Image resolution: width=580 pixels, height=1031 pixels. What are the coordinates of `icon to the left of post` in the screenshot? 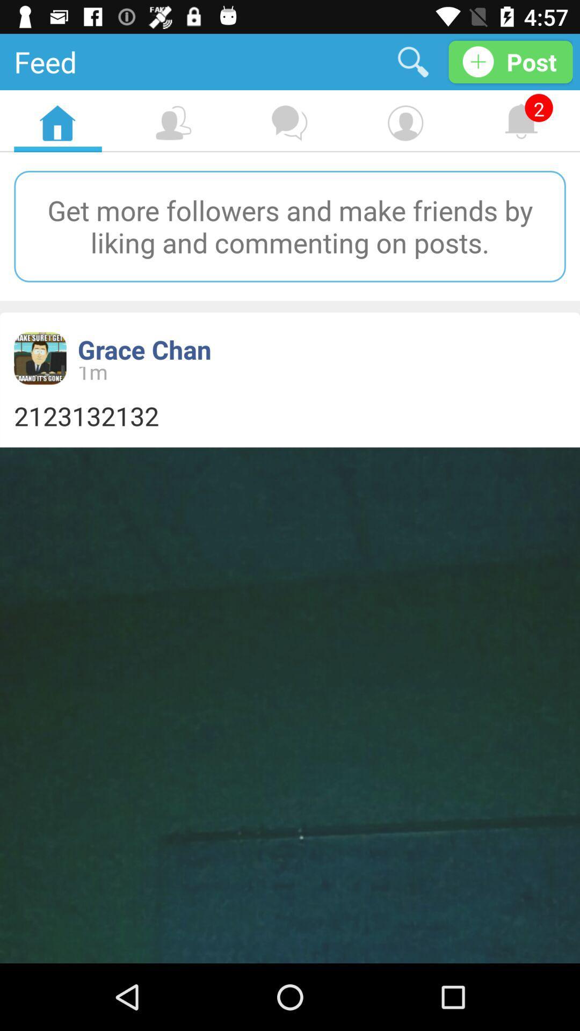 It's located at (412, 61).